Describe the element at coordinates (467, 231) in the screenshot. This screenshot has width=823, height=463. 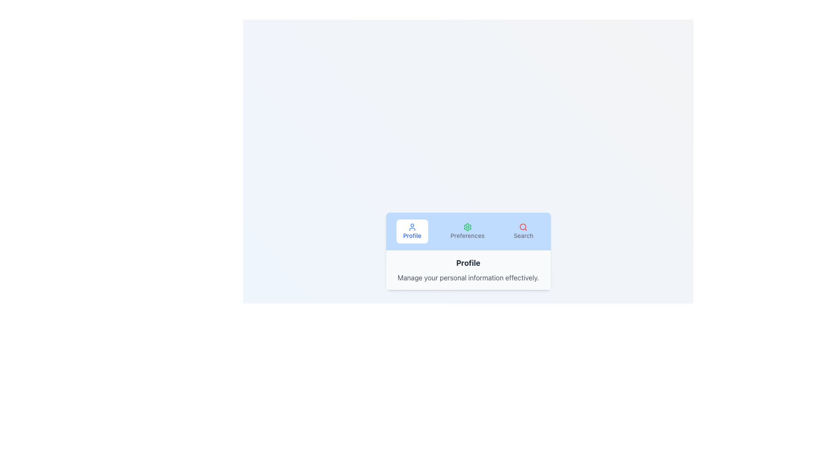
I see `the light-blue 'Preferences' button with a green gear icon` at that location.